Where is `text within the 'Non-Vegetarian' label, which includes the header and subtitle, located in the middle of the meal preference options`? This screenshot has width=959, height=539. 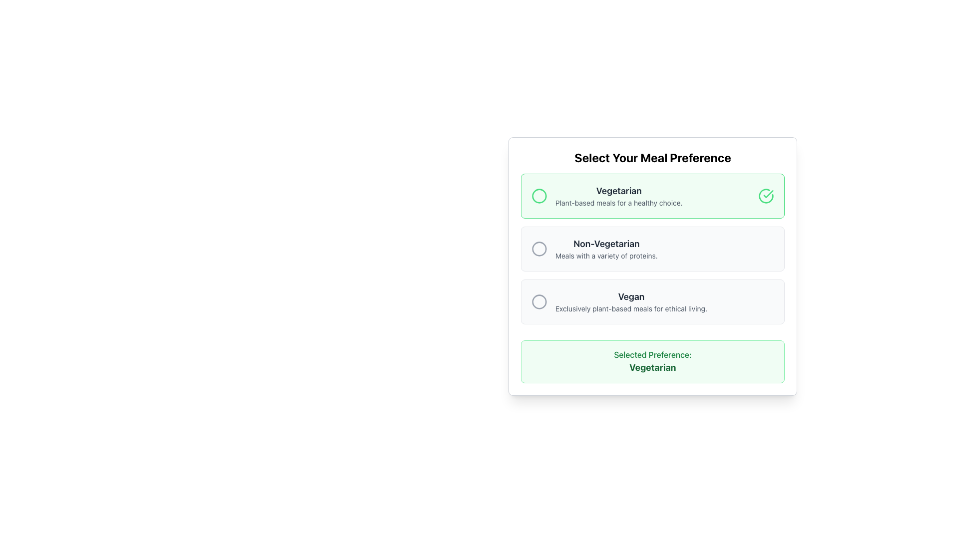 text within the 'Non-Vegetarian' label, which includes the header and subtitle, located in the middle of the meal preference options is located at coordinates (606, 248).